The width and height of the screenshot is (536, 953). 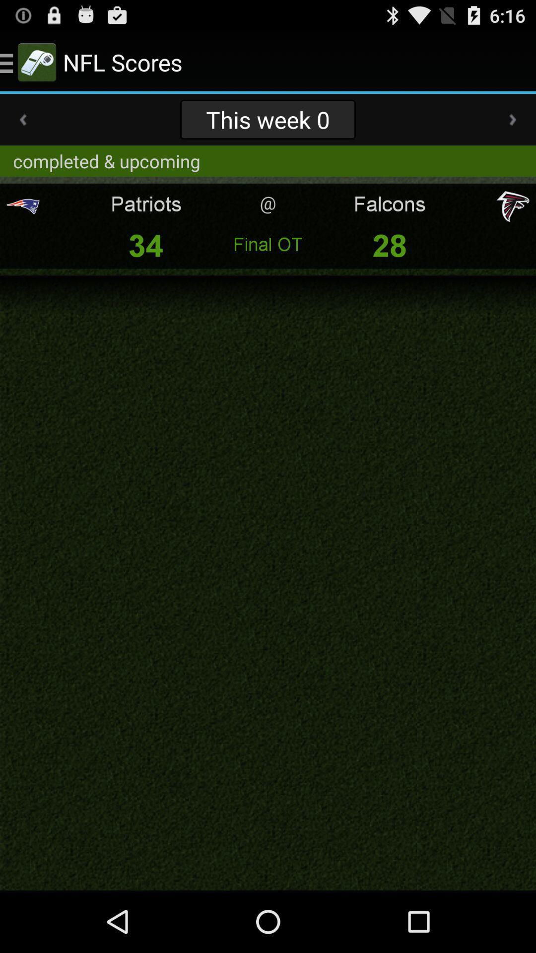 I want to click on the arrow_forward icon, so click(x=513, y=128).